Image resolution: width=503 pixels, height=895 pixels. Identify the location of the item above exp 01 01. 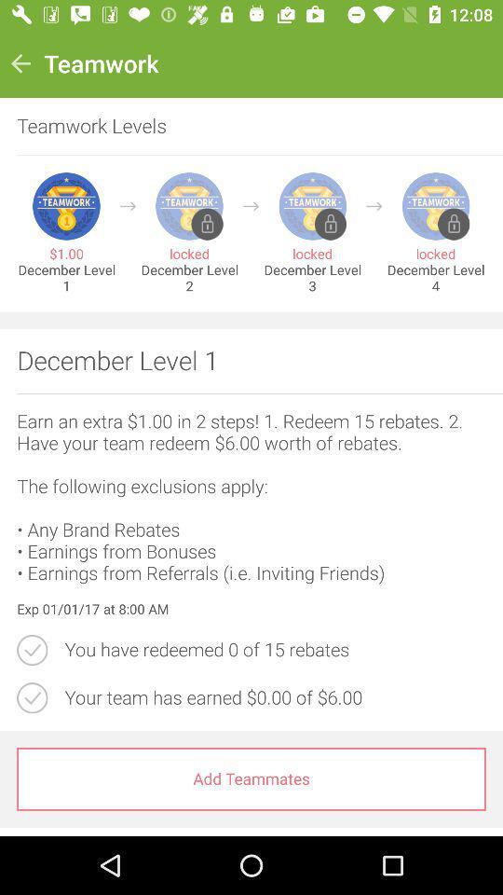
(251, 496).